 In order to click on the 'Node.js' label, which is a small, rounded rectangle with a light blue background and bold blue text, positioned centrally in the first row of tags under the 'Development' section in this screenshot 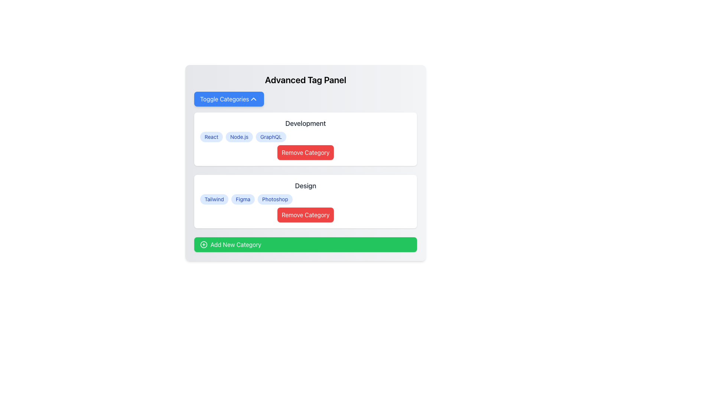, I will do `click(239, 137)`.